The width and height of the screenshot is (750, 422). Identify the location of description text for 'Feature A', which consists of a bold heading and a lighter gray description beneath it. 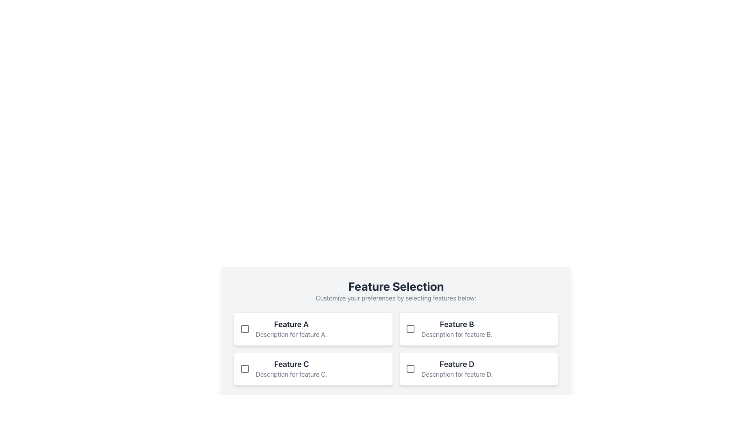
(291, 329).